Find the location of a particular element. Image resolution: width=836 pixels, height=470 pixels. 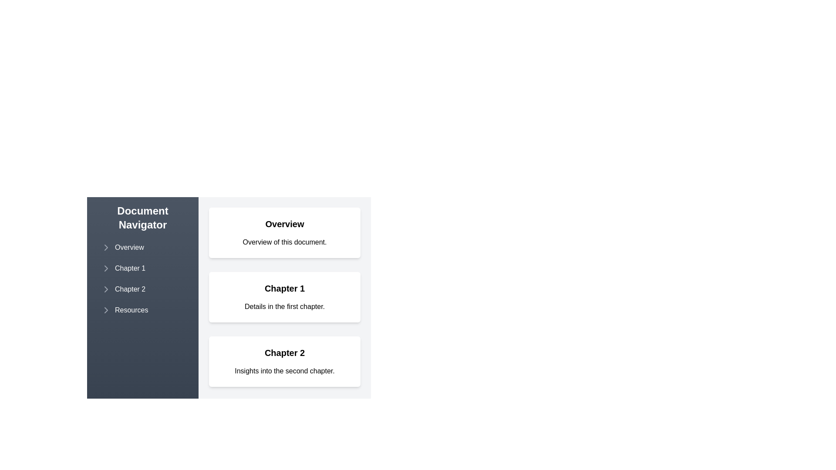

the rightward arrow icon with a thin border and rounded shape located next to the 'Resources' text in the left navigation menu is located at coordinates (106, 310).